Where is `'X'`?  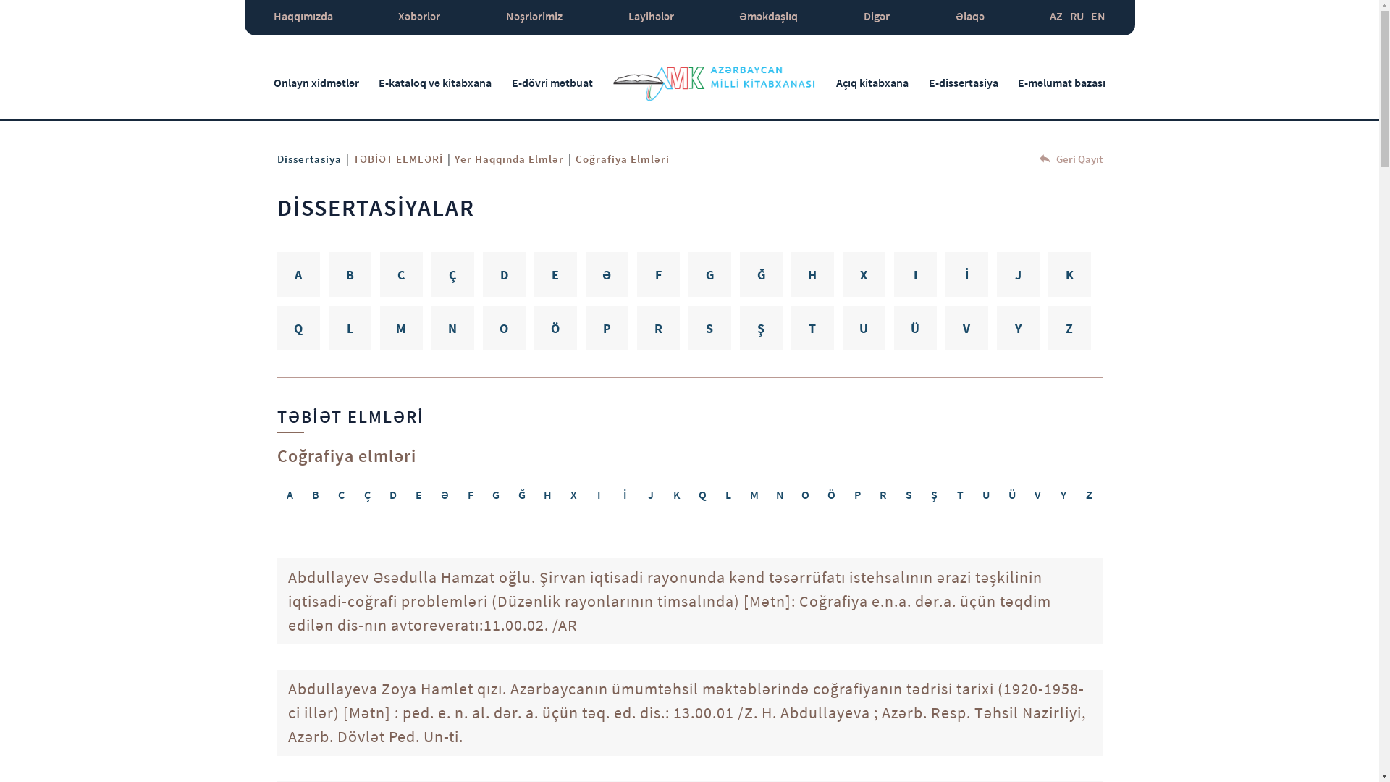
'X' is located at coordinates (842, 274).